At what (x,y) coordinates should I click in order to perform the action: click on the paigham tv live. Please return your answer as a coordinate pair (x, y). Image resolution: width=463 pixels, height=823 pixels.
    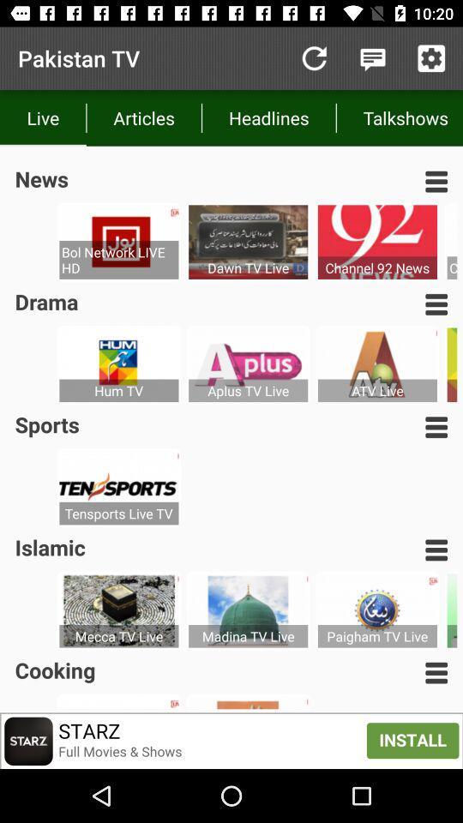
    Looking at the image, I should click on (377, 635).